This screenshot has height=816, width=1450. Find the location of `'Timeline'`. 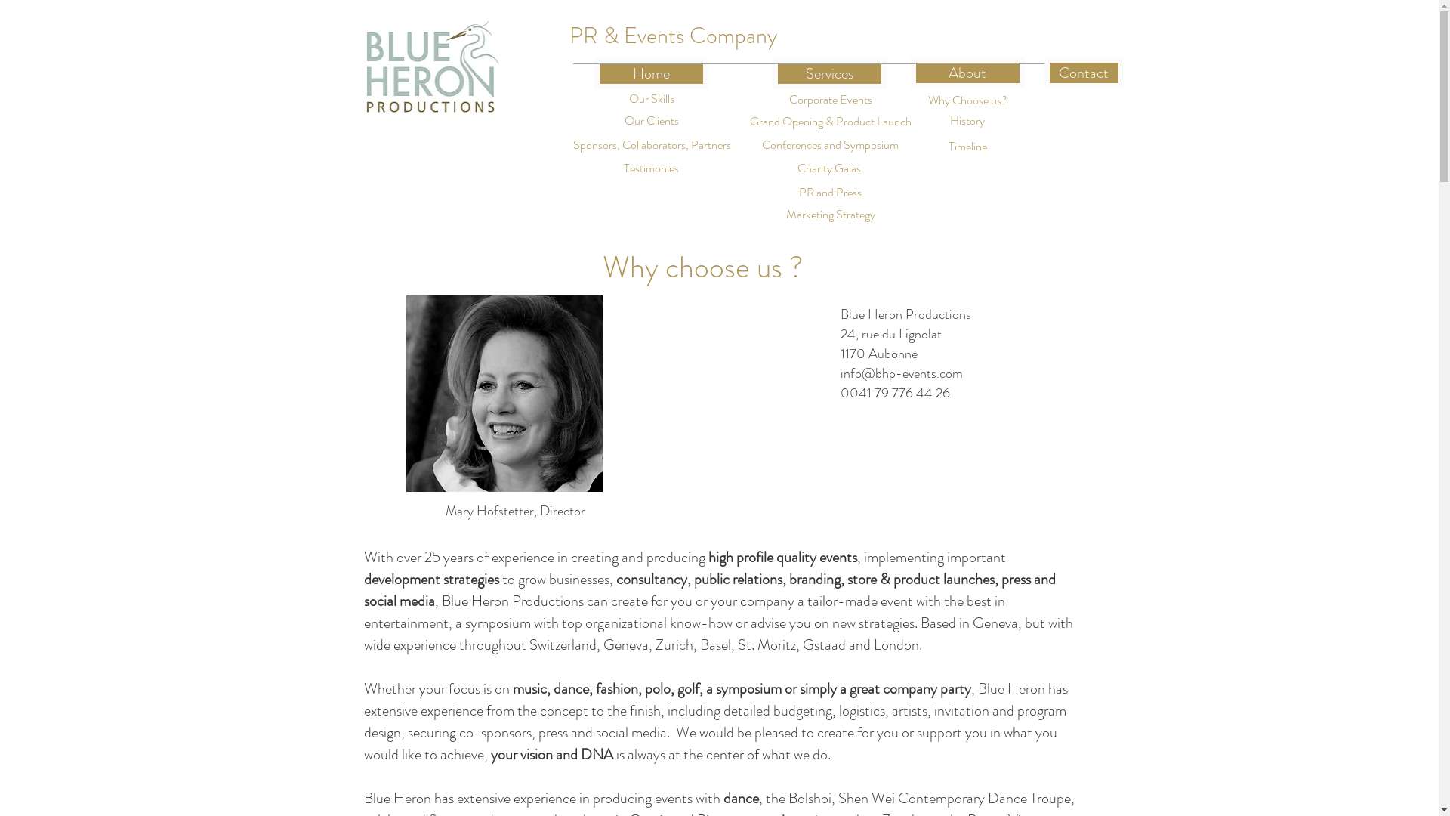

'Timeline' is located at coordinates (967, 147).